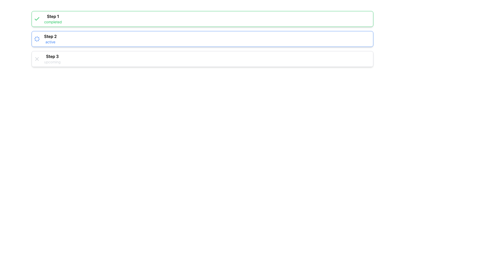 The width and height of the screenshot is (493, 277). I want to click on the 'Step 3' text label, which is displayed in bold font and signifies an important step in the step indicator interface, so click(52, 56).